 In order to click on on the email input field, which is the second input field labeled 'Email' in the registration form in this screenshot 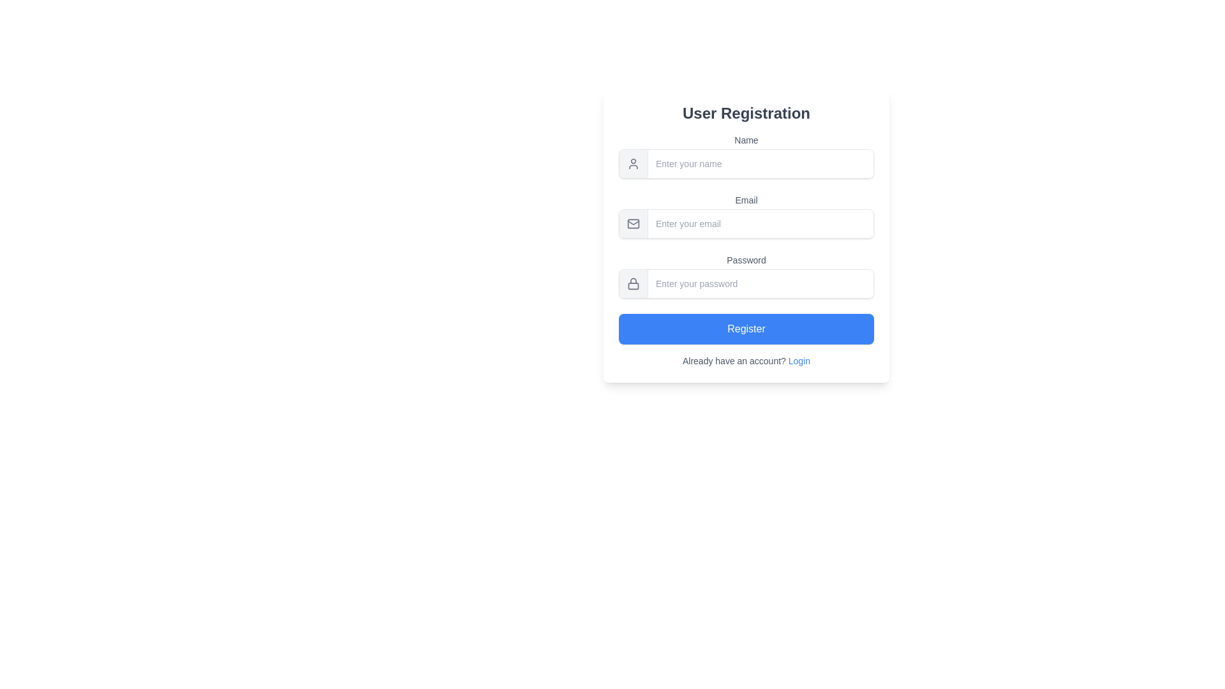, I will do `click(746, 235)`.